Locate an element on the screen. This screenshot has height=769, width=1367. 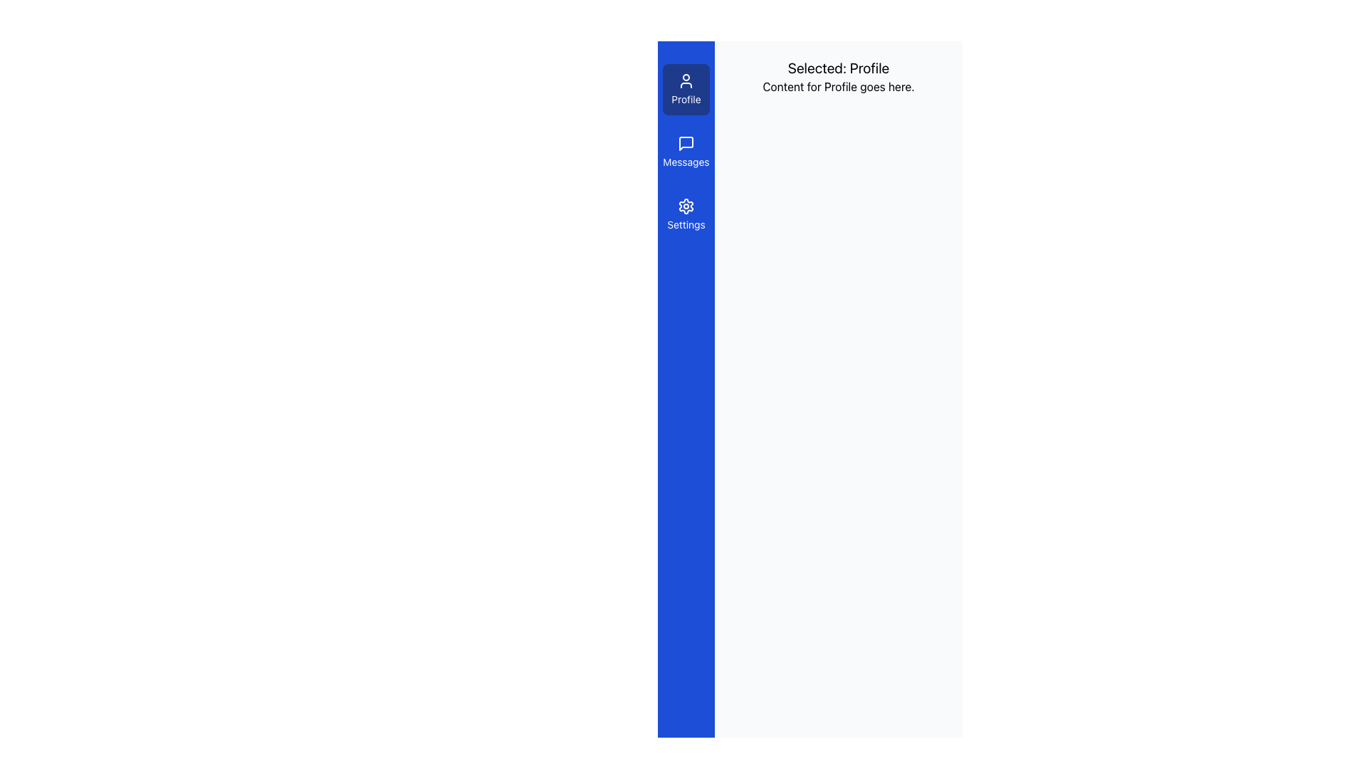
the 'Messages' text label located on the blue vertical sidebar, positioned below the message icon and above the 'Settings' option is located at coordinates (686, 161).